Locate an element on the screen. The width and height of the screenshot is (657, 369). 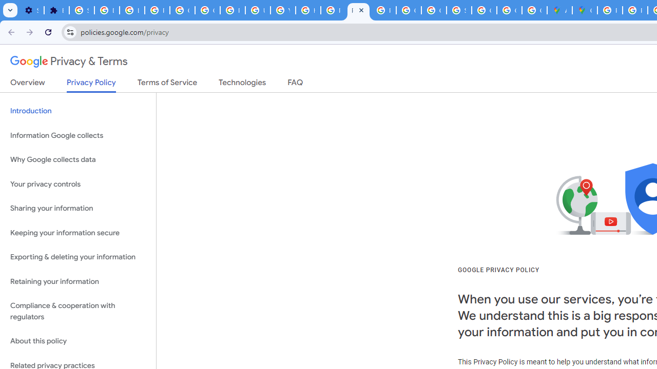
'Settings - On startup' is located at coordinates (31, 10).